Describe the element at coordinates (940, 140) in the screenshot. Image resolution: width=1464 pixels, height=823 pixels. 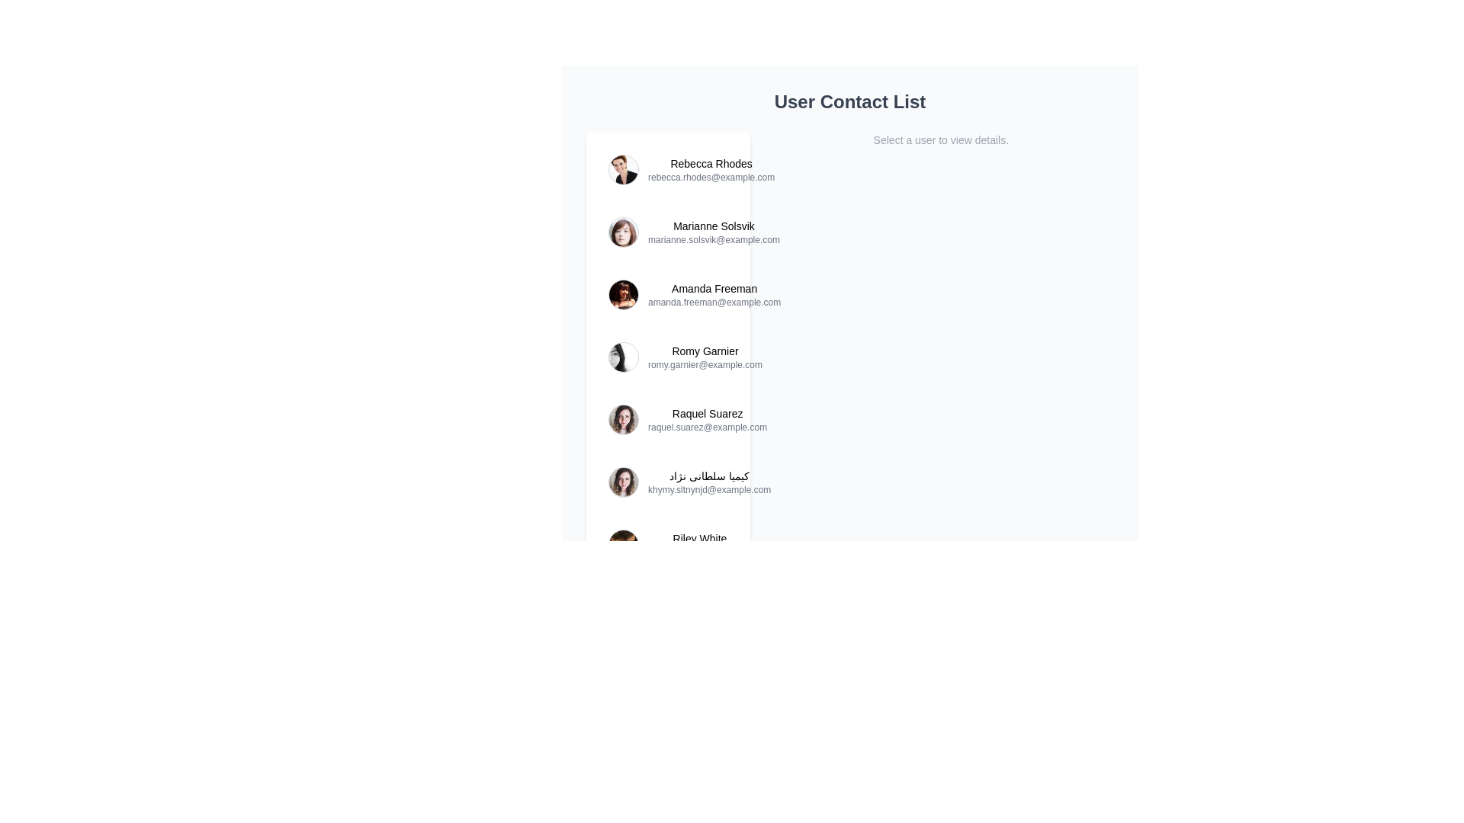
I see `the text label that indicates no user is selected, which is centrally aligned and located above the user names list` at that location.